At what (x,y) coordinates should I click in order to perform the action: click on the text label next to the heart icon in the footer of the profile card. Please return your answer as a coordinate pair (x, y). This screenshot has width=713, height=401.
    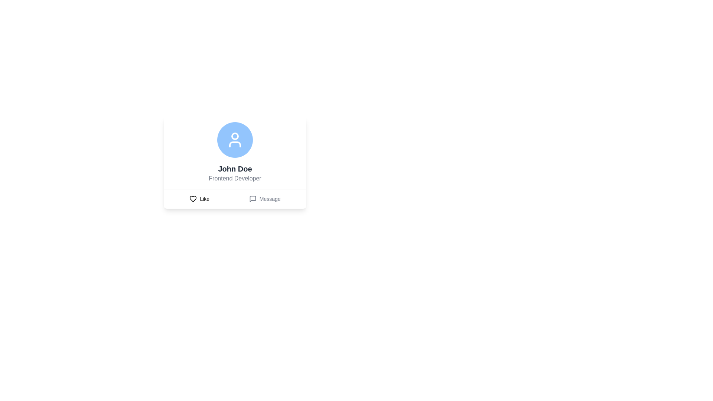
    Looking at the image, I should click on (205, 199).